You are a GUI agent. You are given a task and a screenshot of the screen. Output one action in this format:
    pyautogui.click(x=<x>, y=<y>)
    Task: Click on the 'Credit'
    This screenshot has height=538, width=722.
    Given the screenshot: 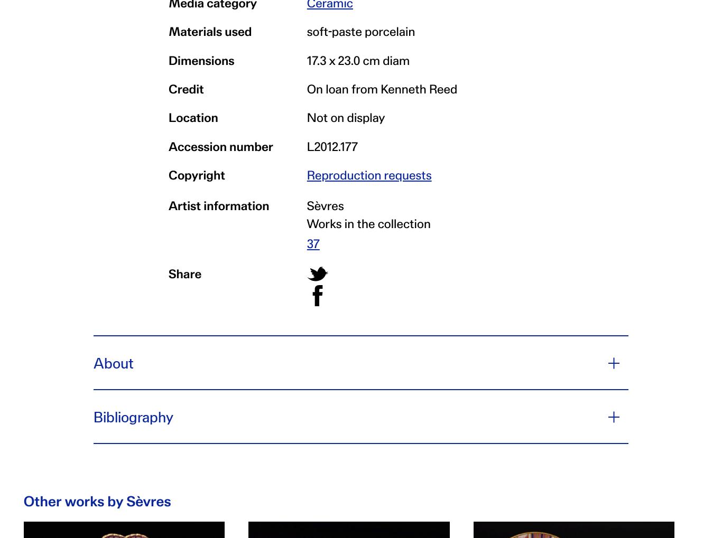 What is the action you would take?
    pyautogui.click(x=186, y=87)
    